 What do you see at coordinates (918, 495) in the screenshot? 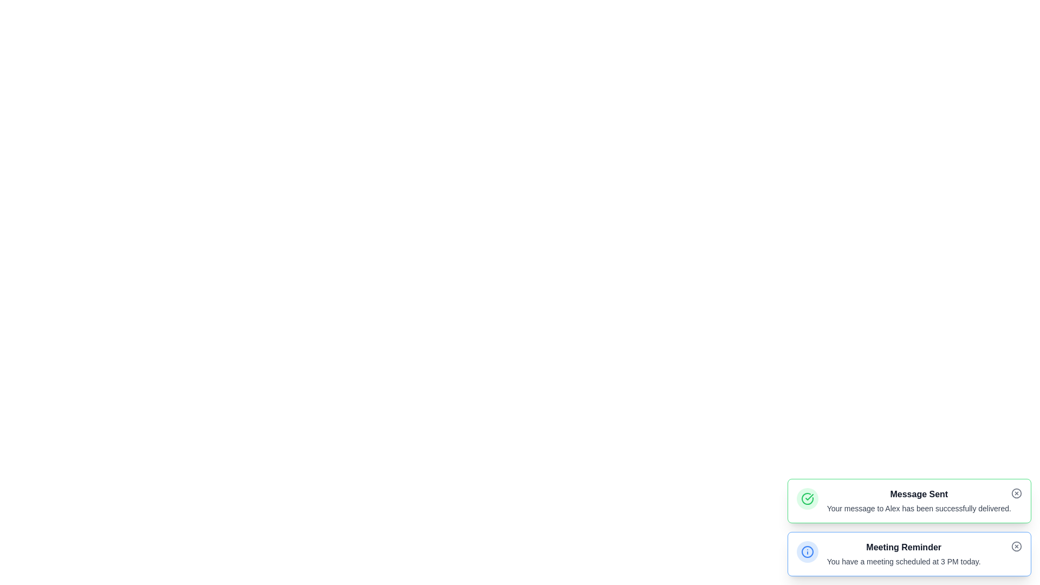
I see `the notification titled 'Message Sent'` at bounding box center [918, 495].